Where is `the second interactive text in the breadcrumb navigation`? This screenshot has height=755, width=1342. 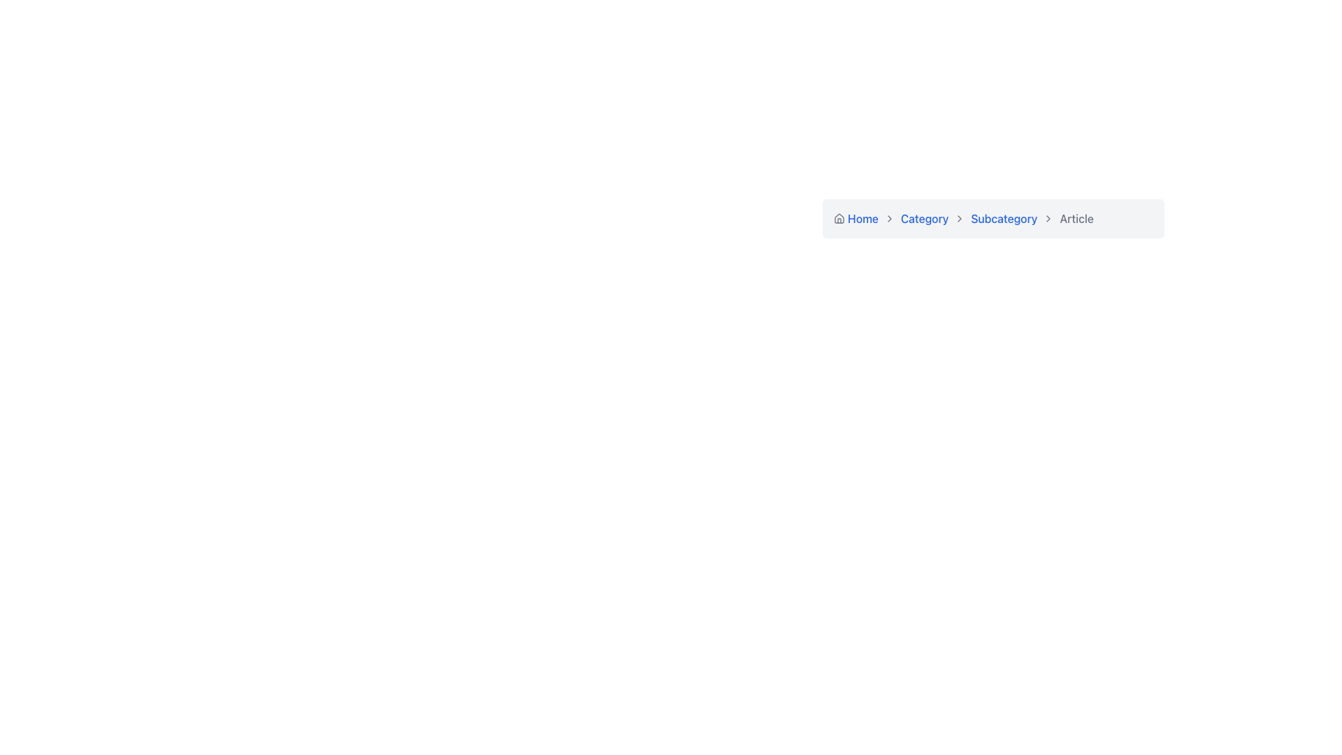 the second interactive text in the breadcrumb navigation is located at coordinates (925, 218).